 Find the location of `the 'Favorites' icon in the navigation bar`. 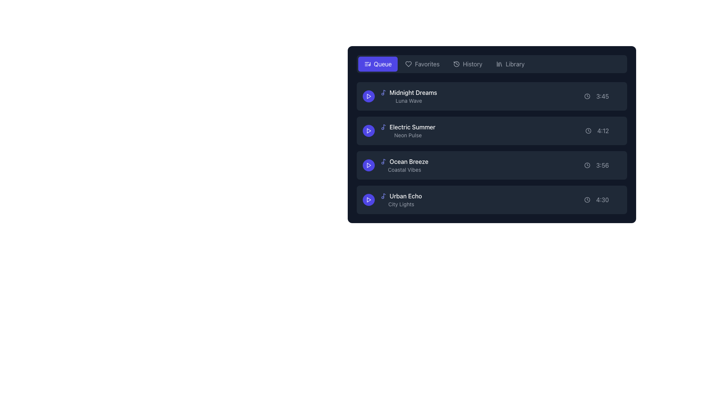

the 'Favorites' icon in the navigation bar is located at coordinates (408, 63).